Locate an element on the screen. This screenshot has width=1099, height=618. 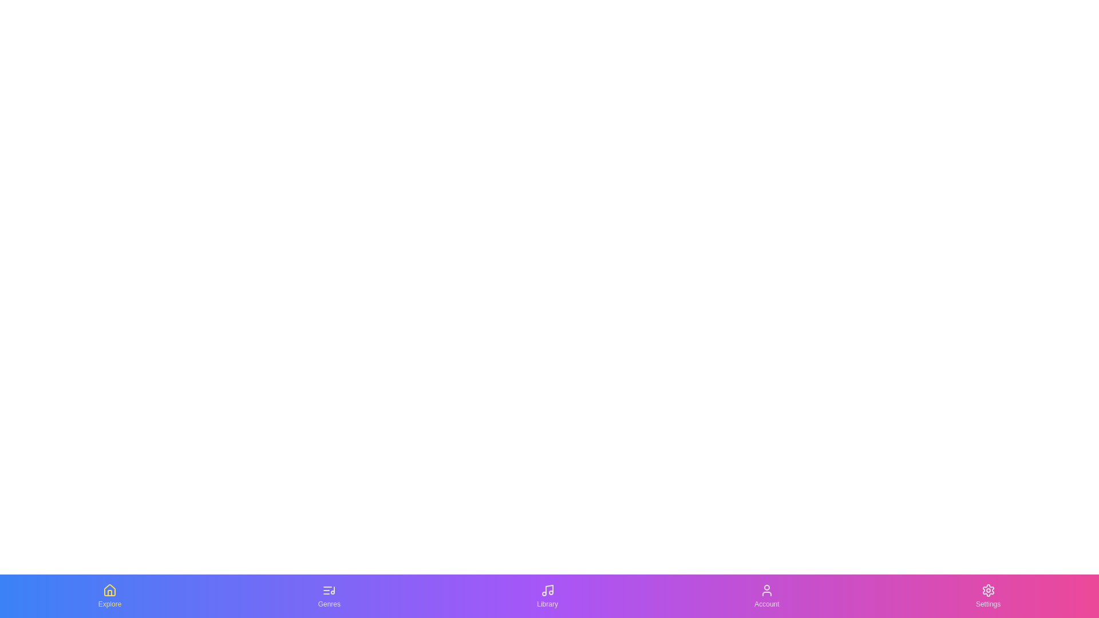
the Account tab by clicking on its button is located at coordinates (766, 595).